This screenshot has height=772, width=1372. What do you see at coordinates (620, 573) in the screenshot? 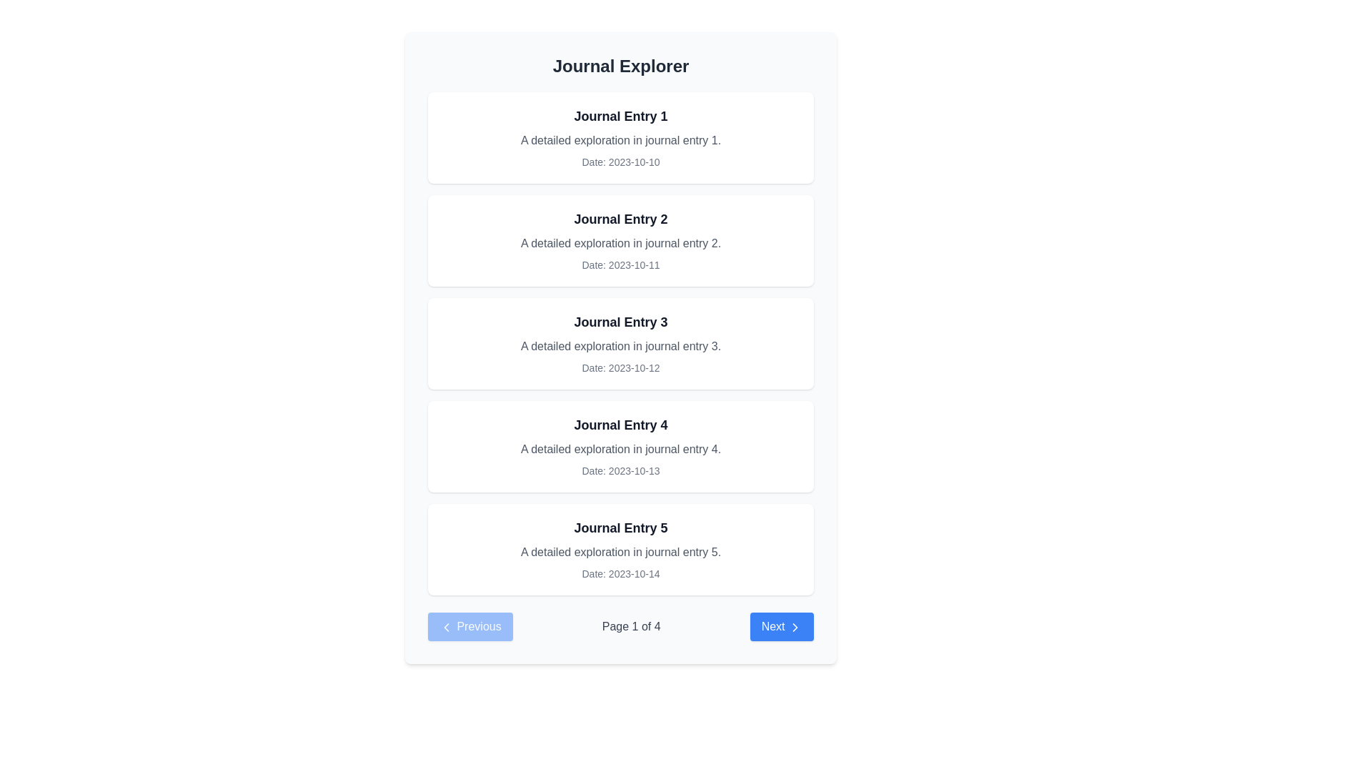
I see `the text label displaying 'Date: 2023-10-14', which is located beneath the description of 'Journal Entry 5' in the fifth card of the list` at bounding box center [620, 573].